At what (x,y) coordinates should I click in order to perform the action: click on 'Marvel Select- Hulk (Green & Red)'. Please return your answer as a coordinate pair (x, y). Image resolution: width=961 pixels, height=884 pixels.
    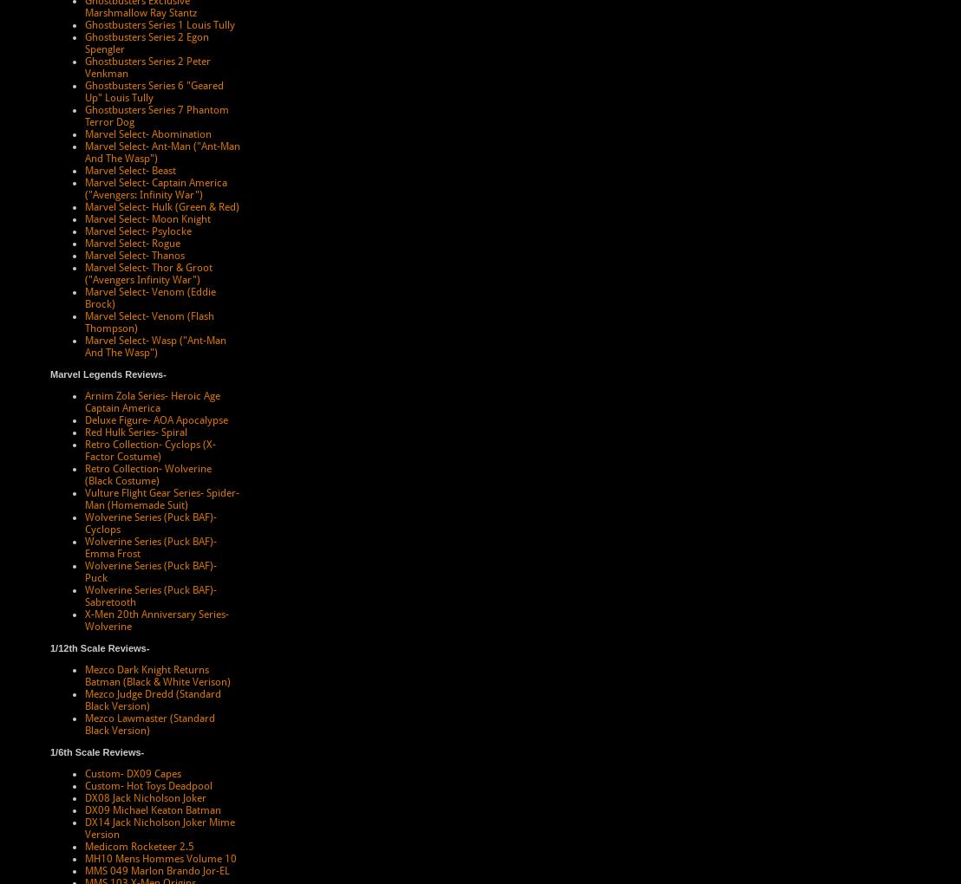
    Looking at the image, I should click on (84, 206).